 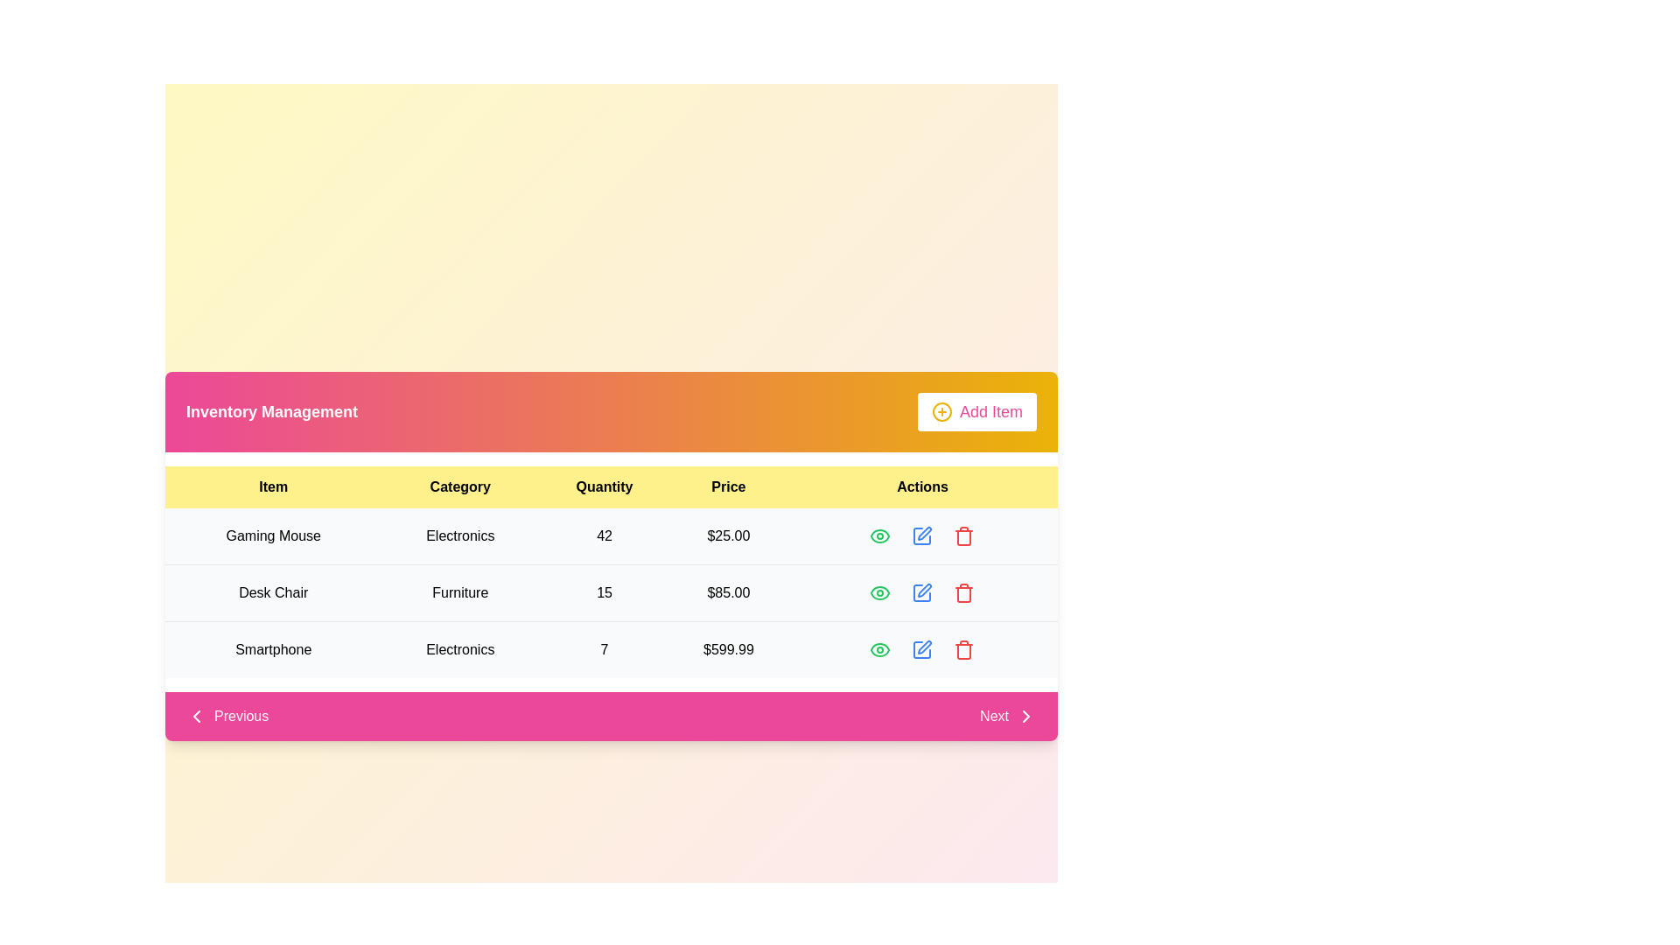 I want to click on the 'Add Item' button, which has a white background, pink text, and a yellow circular icon with a plus symbol, located in the header section to the far right of 'Inventory Management', so click(x=976, y=411).